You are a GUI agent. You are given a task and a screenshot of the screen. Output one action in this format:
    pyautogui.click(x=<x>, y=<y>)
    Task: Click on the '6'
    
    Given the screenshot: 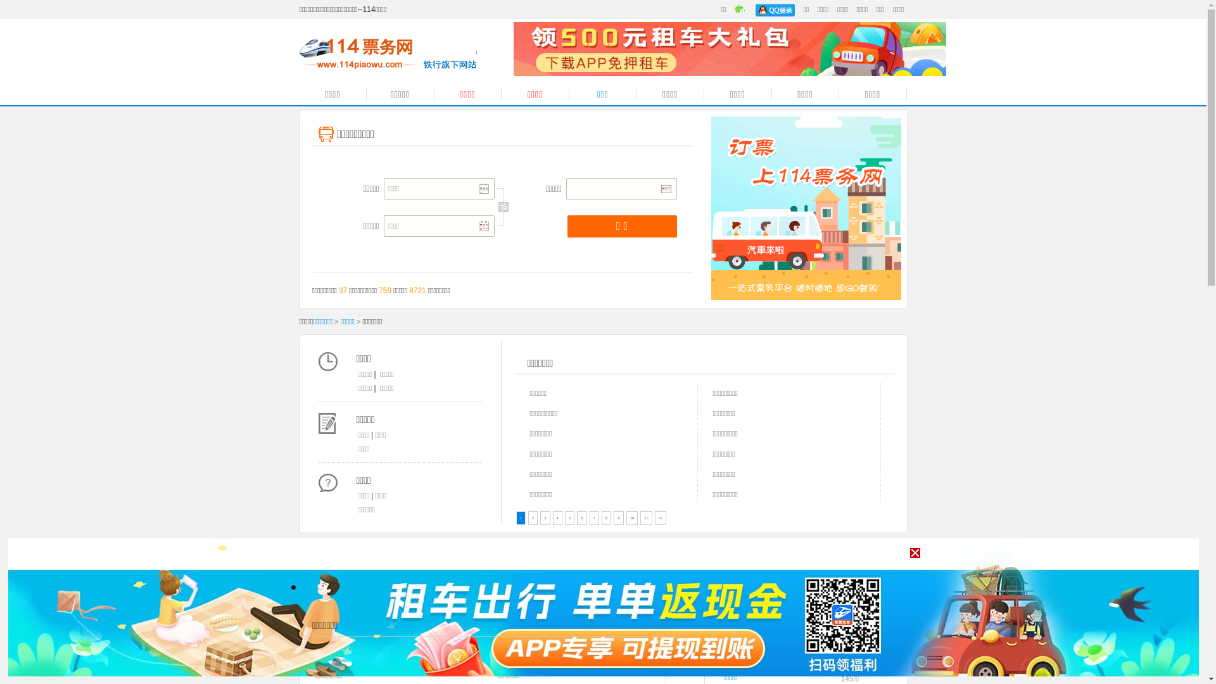 What is the action you would take?
    pyautogui.click(x=581, y=517)
    